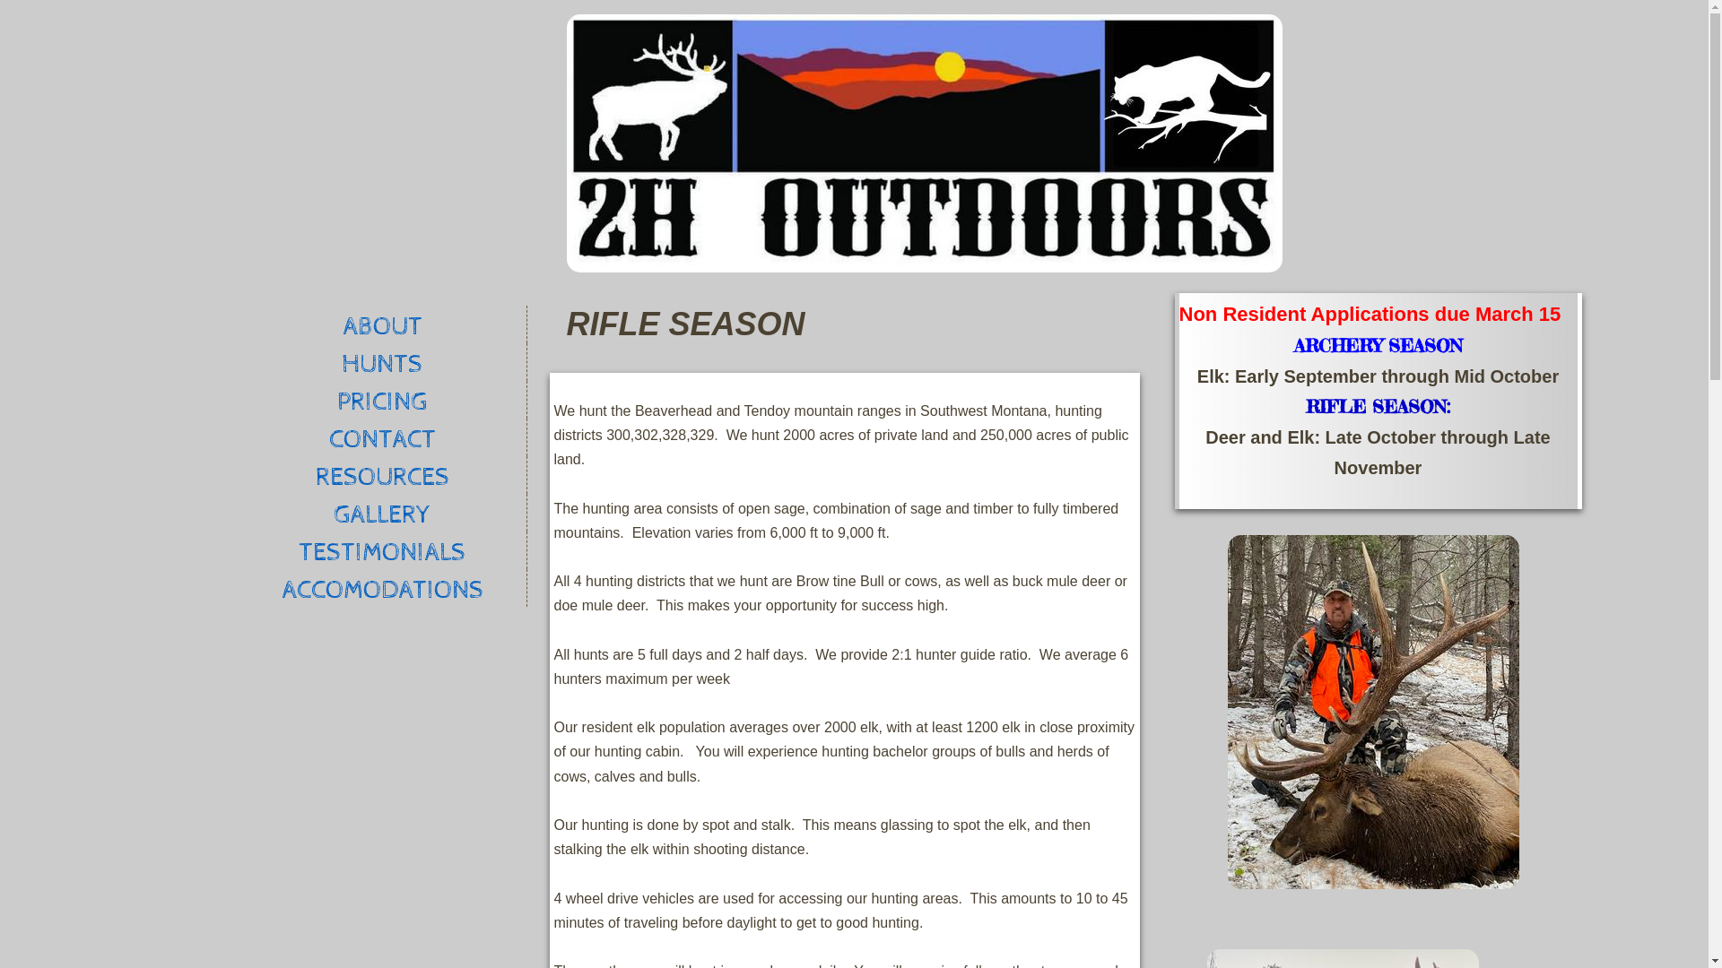 This screenshot has width=1722, height=968. Describe the element at coordinates (237, 324) in the screenshot. I see `'ABOUT'` at that location.